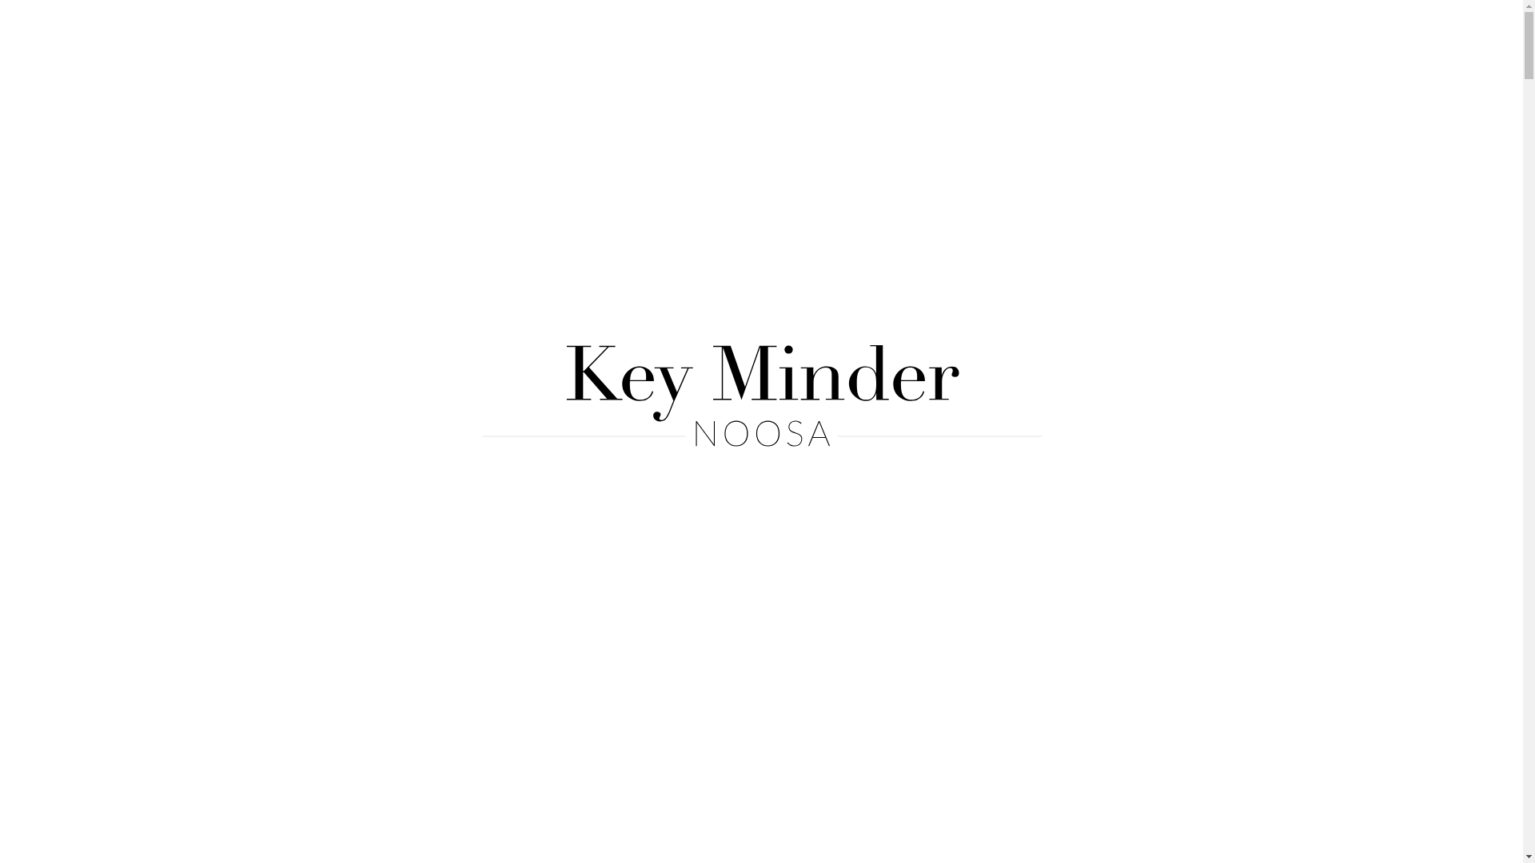  I want to click on 'ABOUT', so click(664, 28).